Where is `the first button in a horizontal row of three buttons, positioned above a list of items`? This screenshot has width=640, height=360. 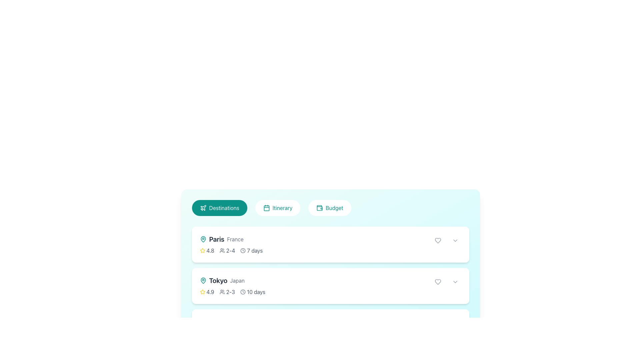
the first button in a horizontal row of three buttons, positioned above a list of items is located at coordinates (219, 208).